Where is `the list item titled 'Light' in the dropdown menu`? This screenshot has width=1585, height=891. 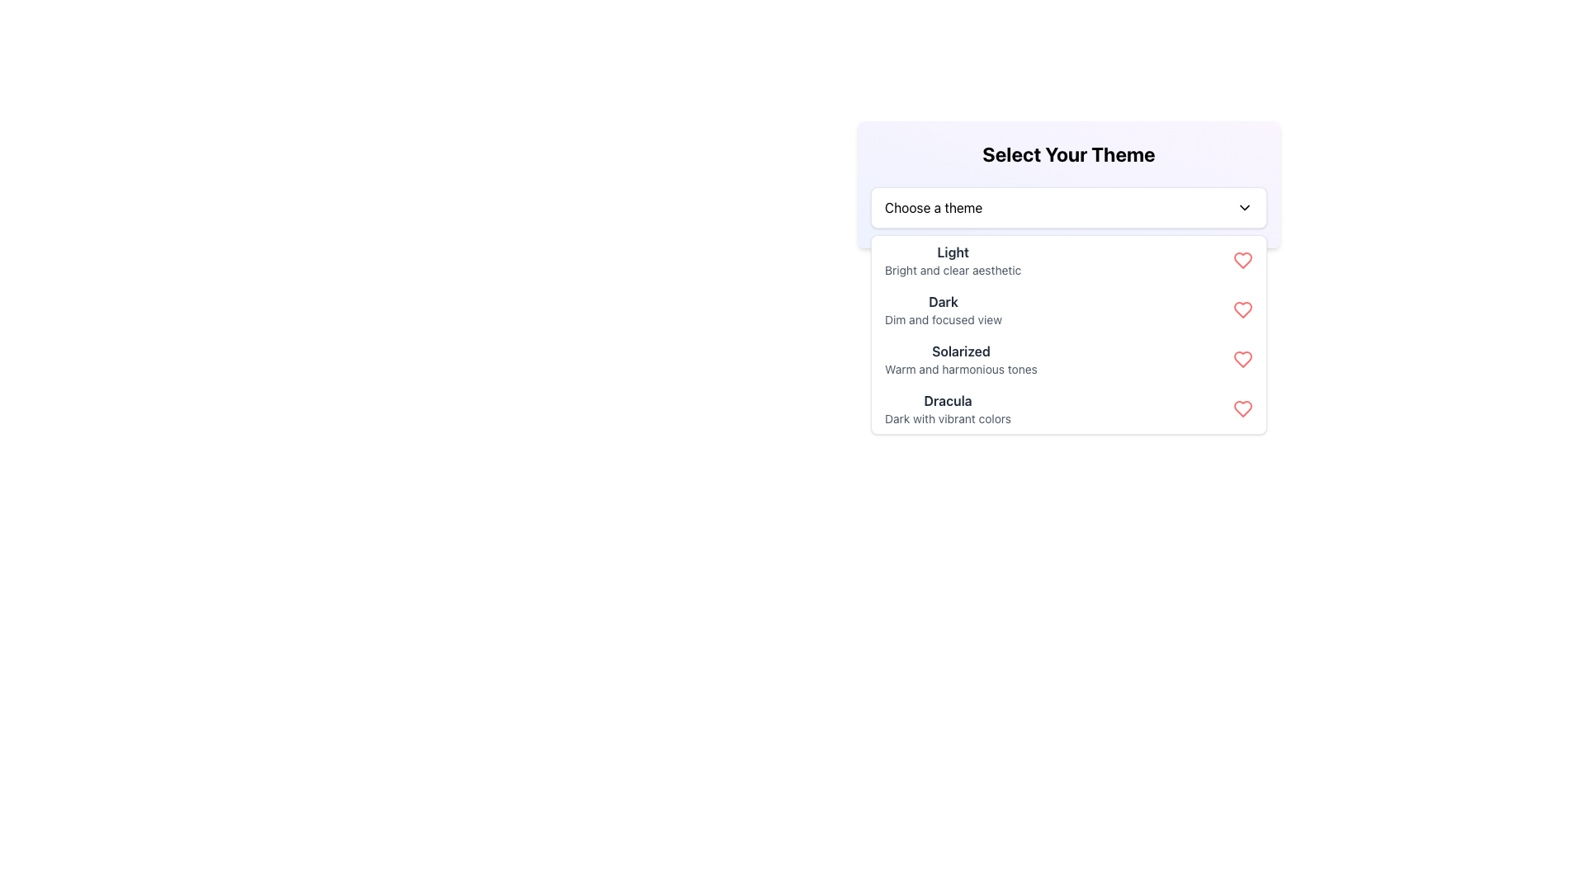
the list item titled 'Light' in the dropdown menu is located at coordinates (1069, 260).